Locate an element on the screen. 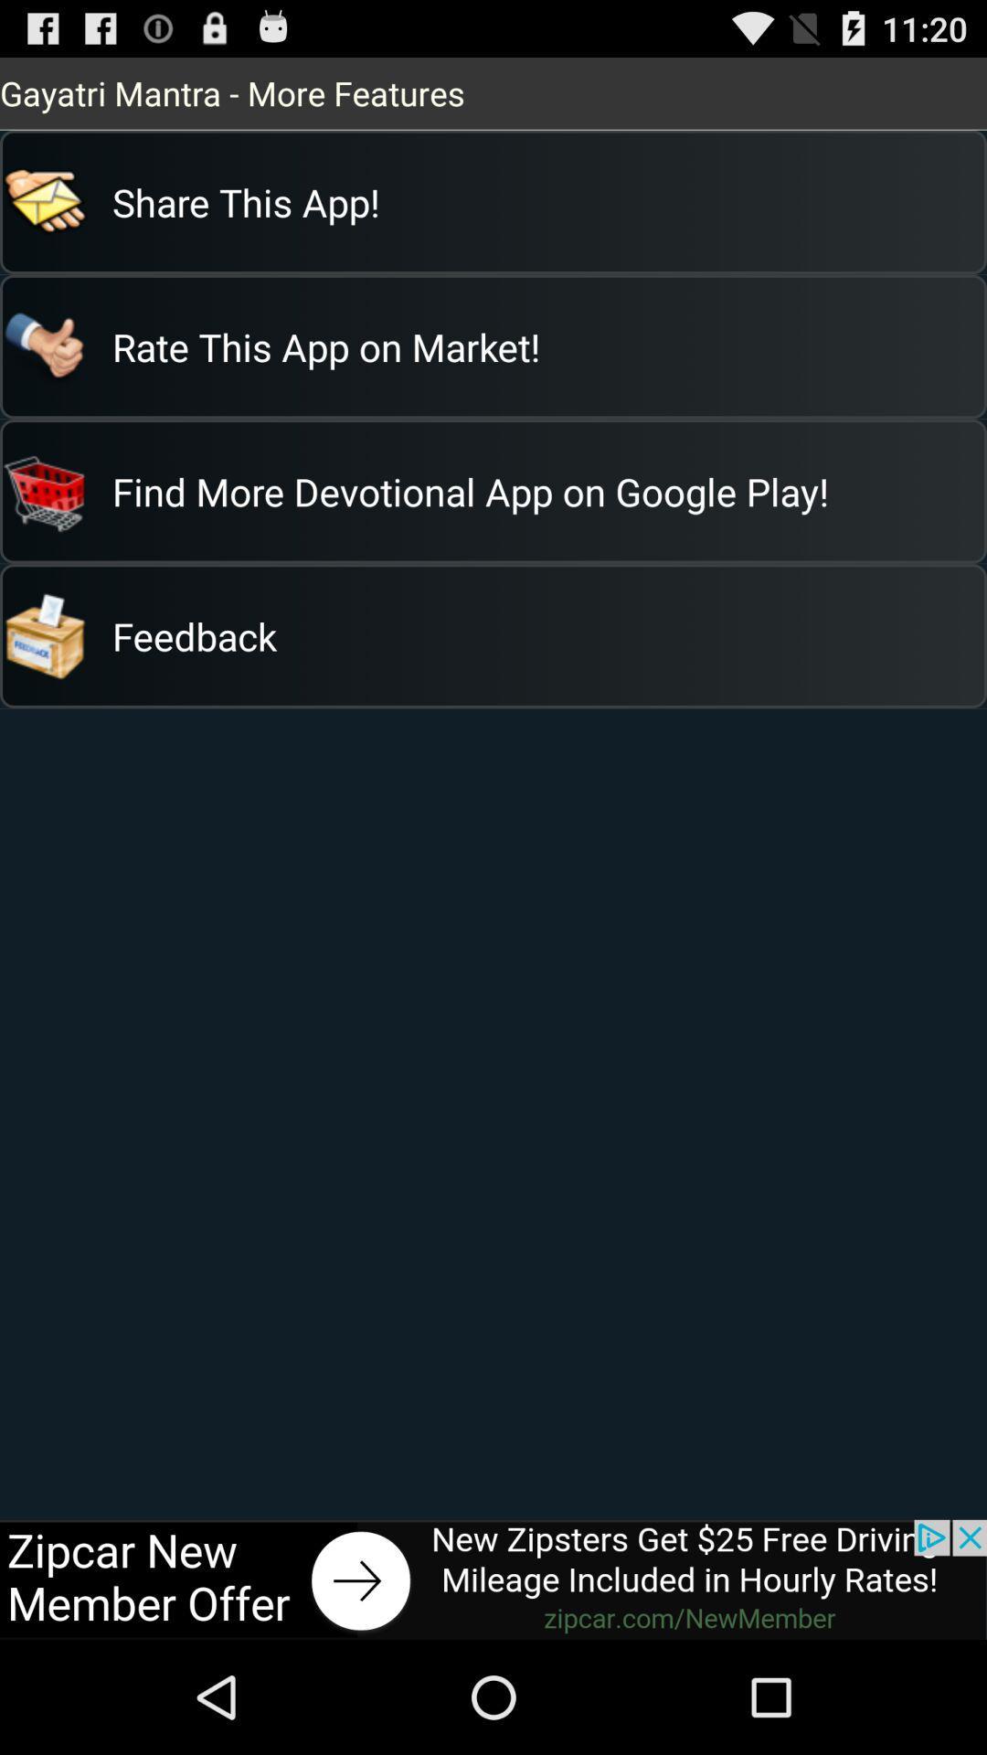  next is located at coordinates (493, 1579).